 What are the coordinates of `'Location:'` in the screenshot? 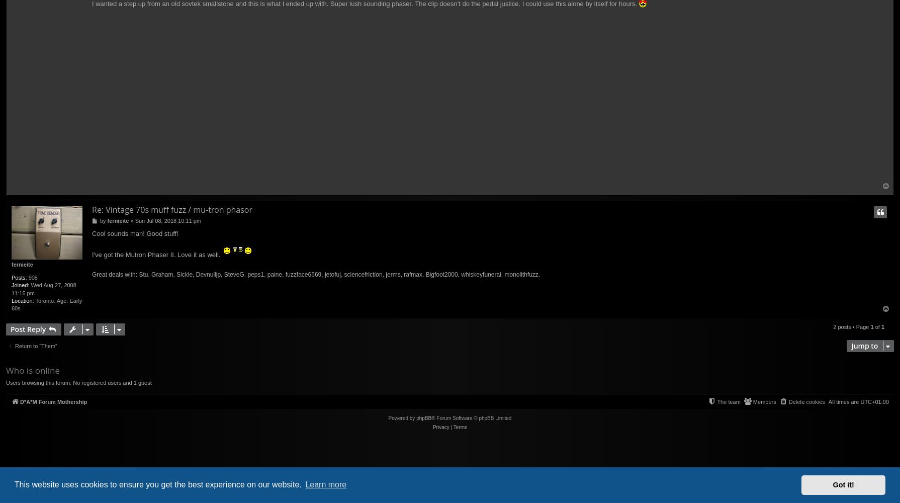 It's located at (22, 300).